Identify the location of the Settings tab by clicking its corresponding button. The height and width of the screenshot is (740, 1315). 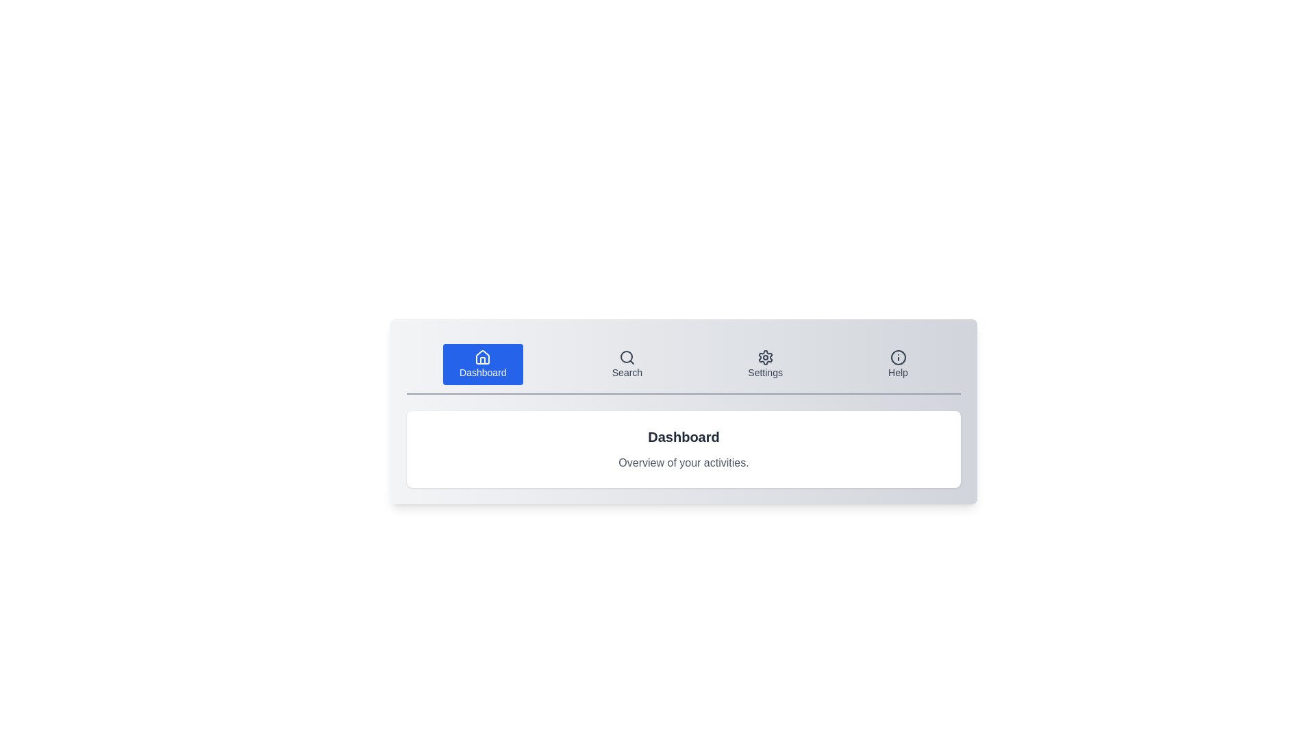
(765, 364).